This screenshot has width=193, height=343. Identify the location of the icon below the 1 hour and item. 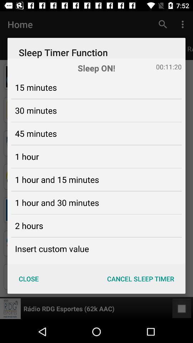
(29, 225).